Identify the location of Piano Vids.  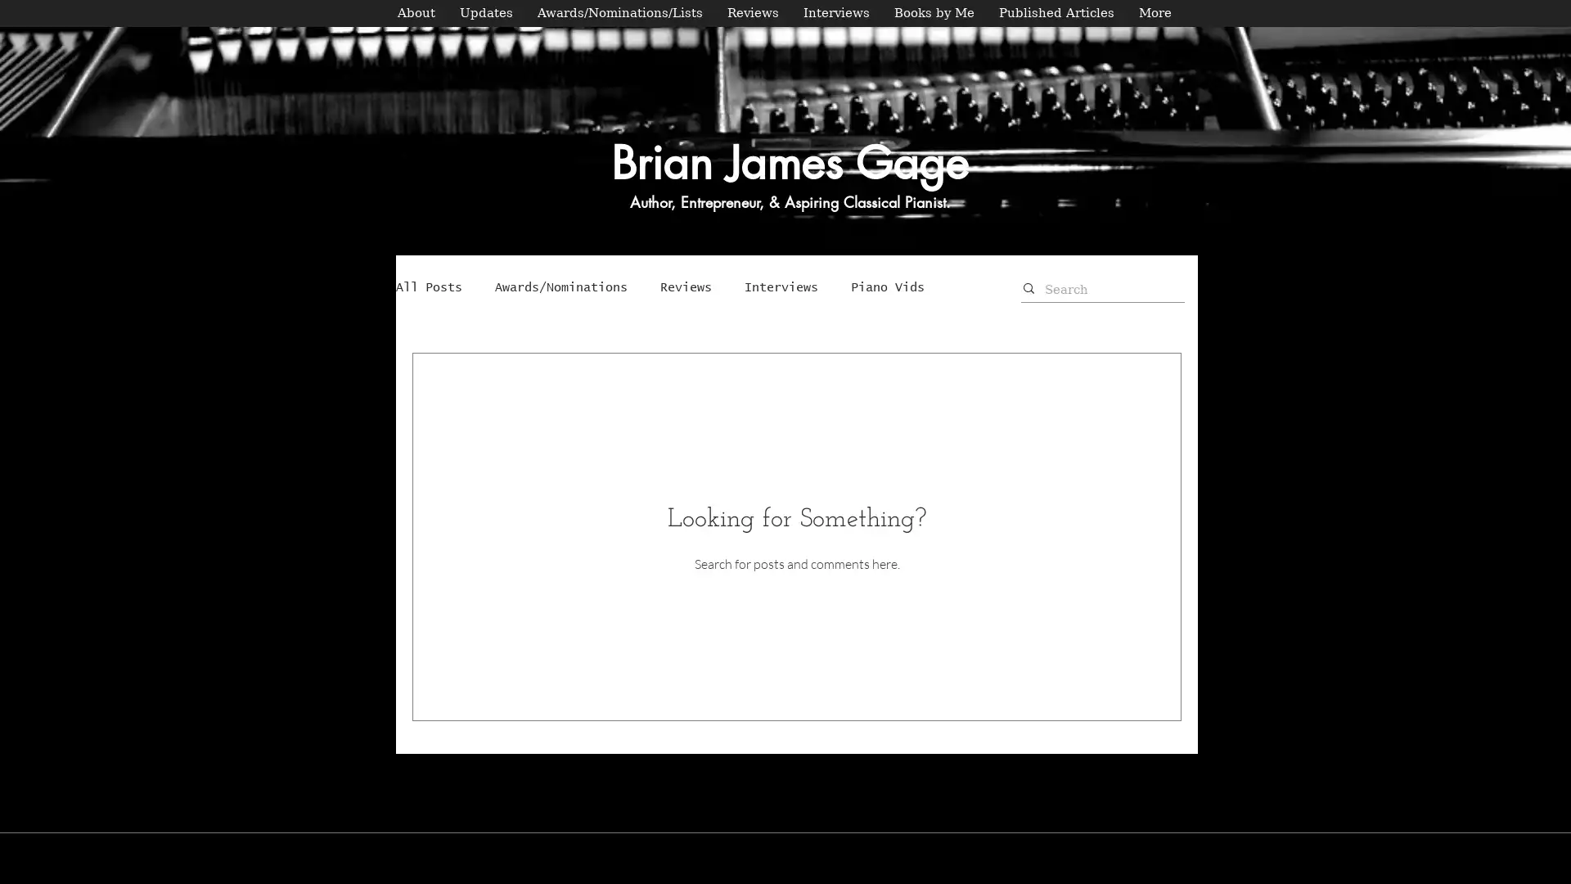
(886, 286).